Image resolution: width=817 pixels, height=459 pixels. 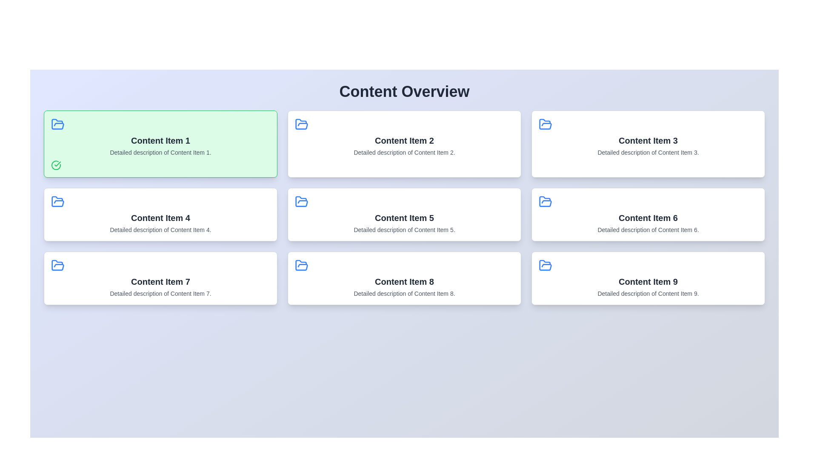 I want to click on the open folder SVG icon located at the top left corner of the card labeled 'Content Item 6', so click(x=545, y=201).